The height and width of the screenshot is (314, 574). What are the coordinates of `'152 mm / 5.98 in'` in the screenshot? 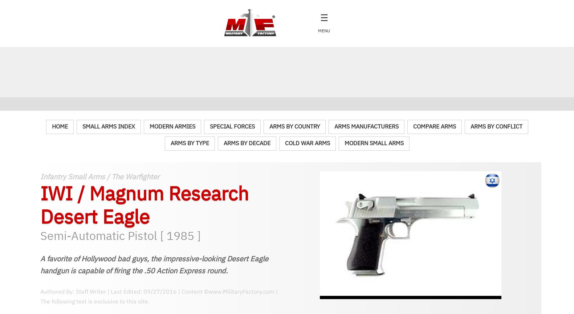 It's located at (77, 226).